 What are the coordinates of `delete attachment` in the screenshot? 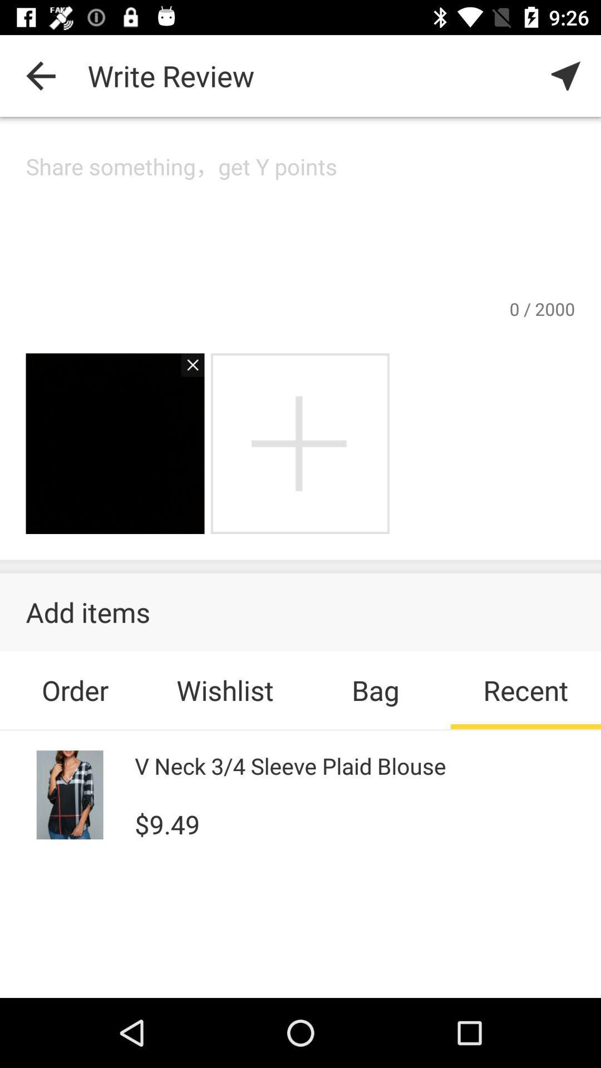 It's located at (186, 370).